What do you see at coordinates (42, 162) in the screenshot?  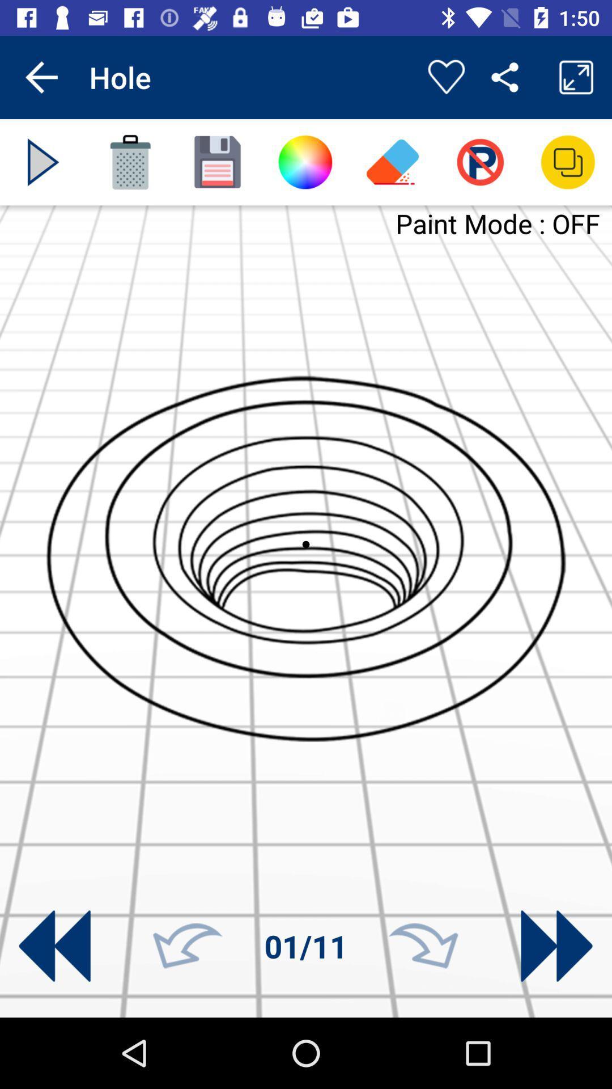 I see `button` at bounding box center [42, 162].